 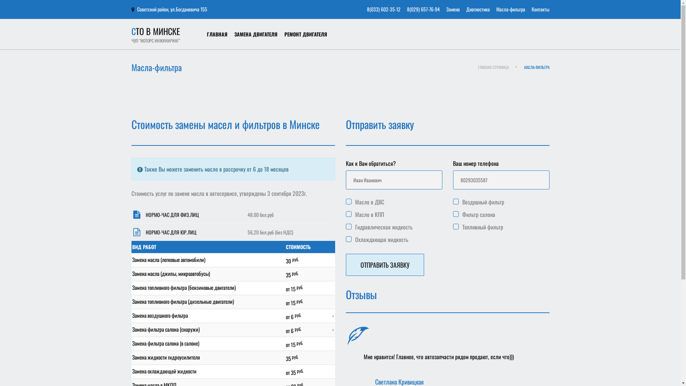 What do you see at coordinates (406, 9) in the screenshot?
I see `'8(029) 657-76-94'` at bounding box center [406, 9].